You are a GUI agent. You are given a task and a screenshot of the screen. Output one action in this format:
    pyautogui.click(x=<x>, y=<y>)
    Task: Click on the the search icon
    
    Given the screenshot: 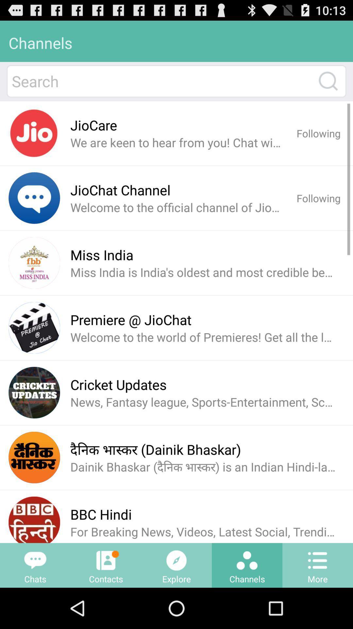 What is the action you would take?
    pyautogui.click(x=328, y=86)
    